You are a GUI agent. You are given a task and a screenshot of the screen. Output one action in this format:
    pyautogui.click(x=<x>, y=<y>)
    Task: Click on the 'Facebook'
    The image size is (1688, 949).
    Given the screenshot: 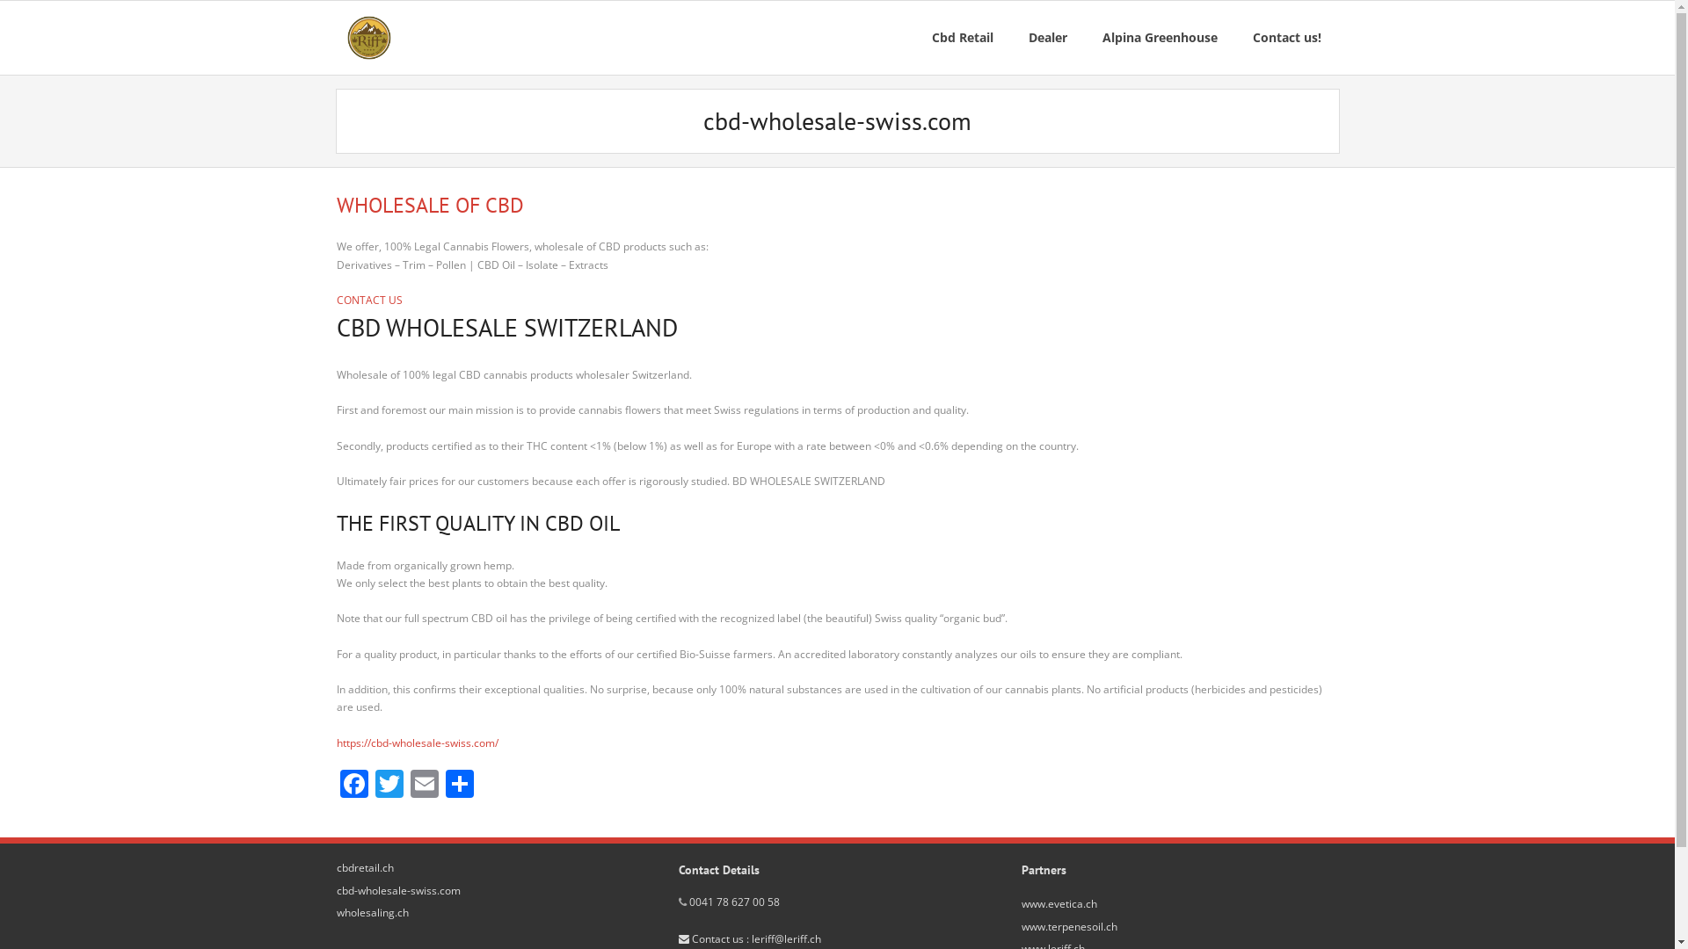 What is the action you would take?
    pyautogui.click(x=353, y=785)
    